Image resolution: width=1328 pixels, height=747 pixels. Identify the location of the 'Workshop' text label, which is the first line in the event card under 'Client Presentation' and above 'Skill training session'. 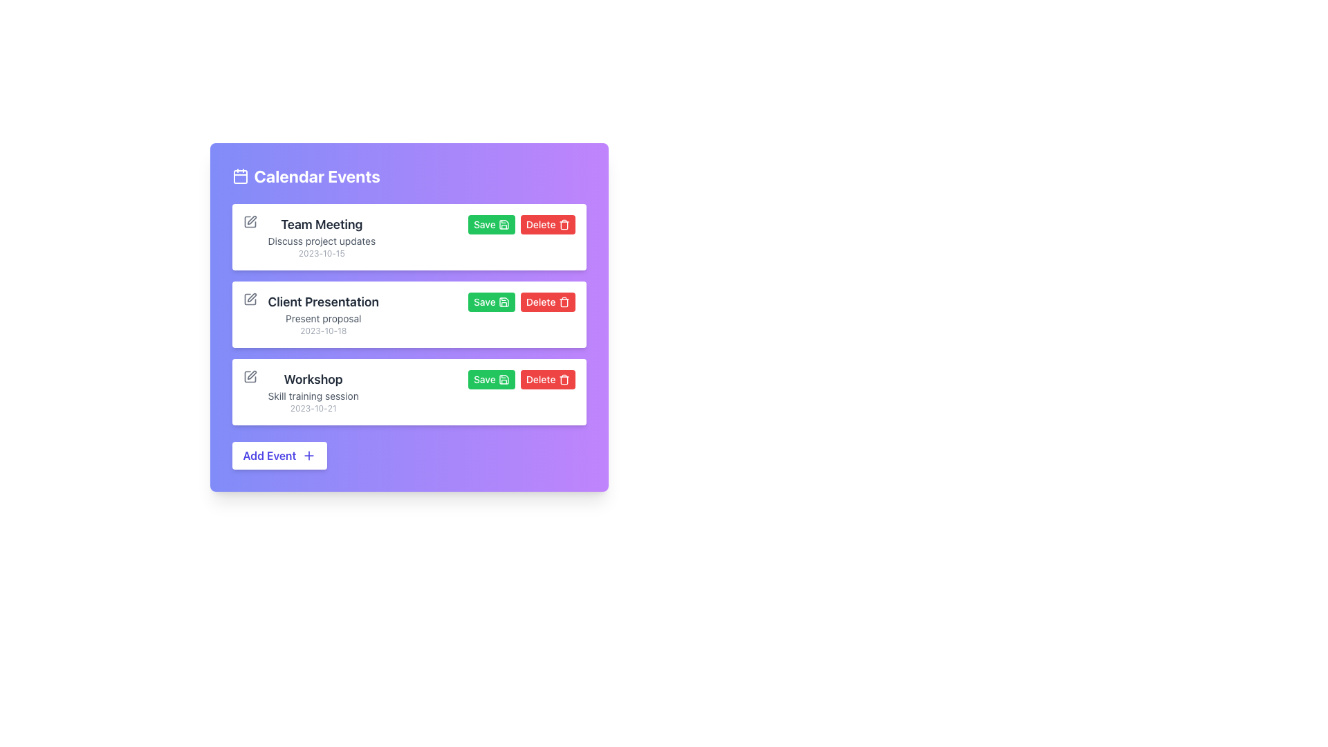
(313, 379).